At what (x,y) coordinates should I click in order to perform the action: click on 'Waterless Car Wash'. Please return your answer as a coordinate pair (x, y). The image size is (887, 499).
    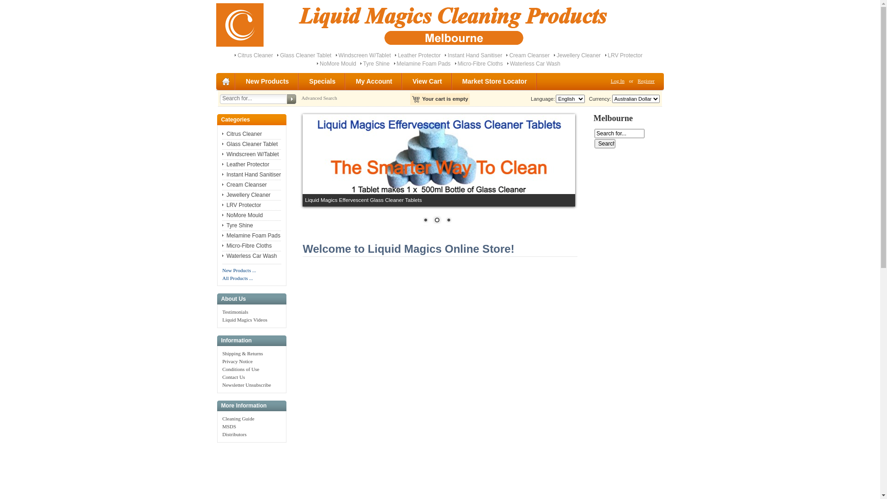
    Looking at the image, I should click on (535, 63).